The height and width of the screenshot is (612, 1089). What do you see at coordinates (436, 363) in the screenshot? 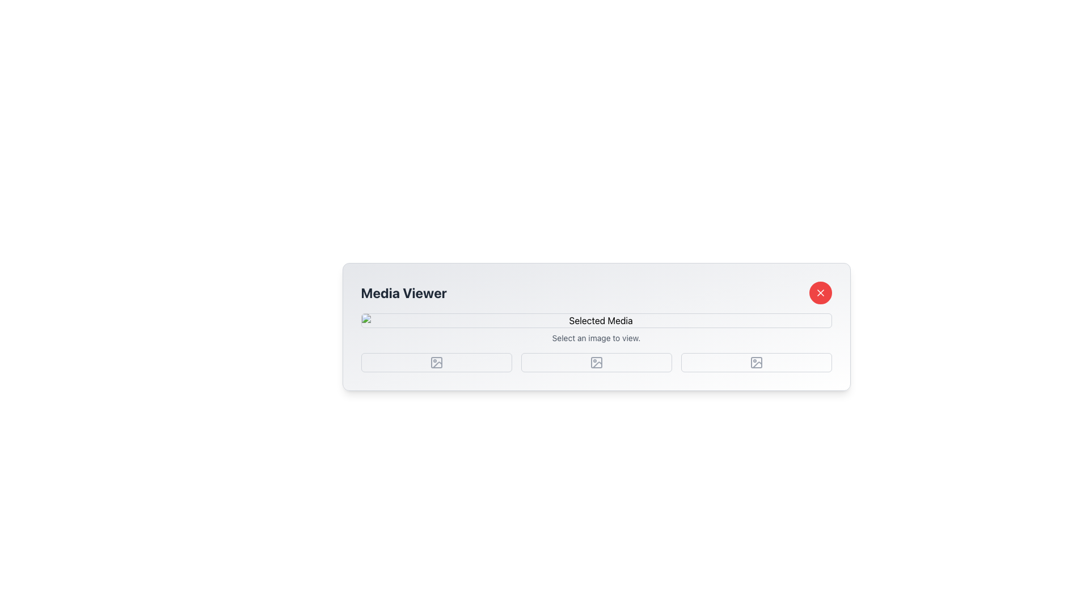
I see `the second icon button from the left in the media viewer interface` at bounding box center [436, 363].